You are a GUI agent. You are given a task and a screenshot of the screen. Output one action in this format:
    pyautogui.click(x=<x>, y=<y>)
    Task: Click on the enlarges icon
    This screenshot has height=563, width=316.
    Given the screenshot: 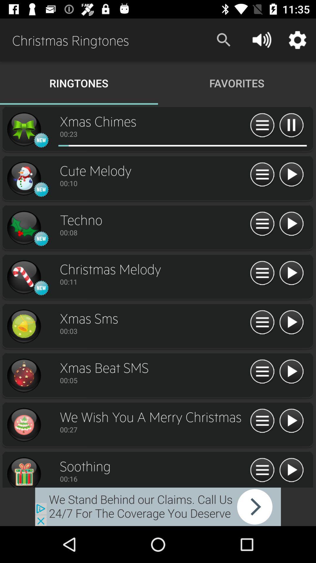 What is the action you would take?
    pyautogui.click(x=23, y=277)
    